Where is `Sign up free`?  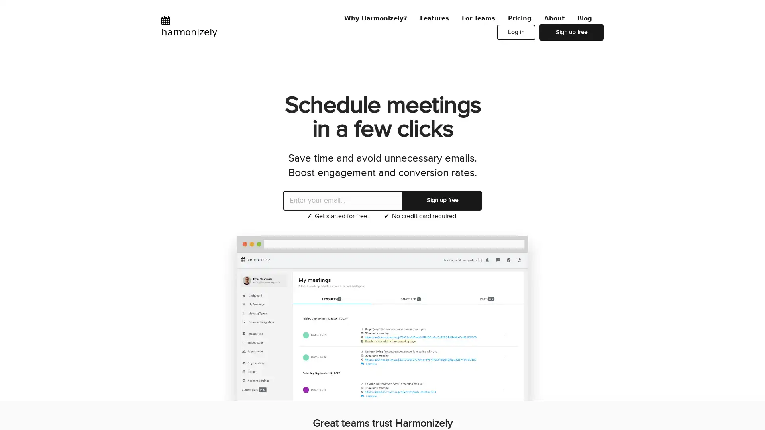
Sign up free is located at coordinates (441, 199).